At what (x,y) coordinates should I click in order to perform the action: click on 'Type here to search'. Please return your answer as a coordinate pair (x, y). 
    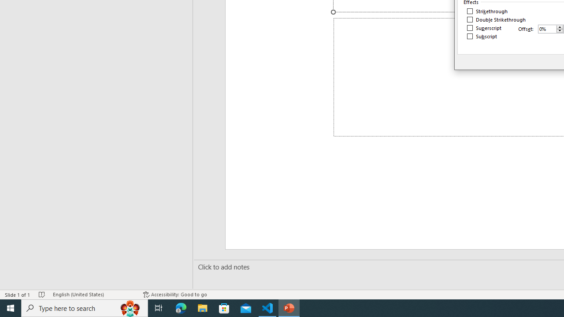
    Looking at the image, I should click on (85, 307).